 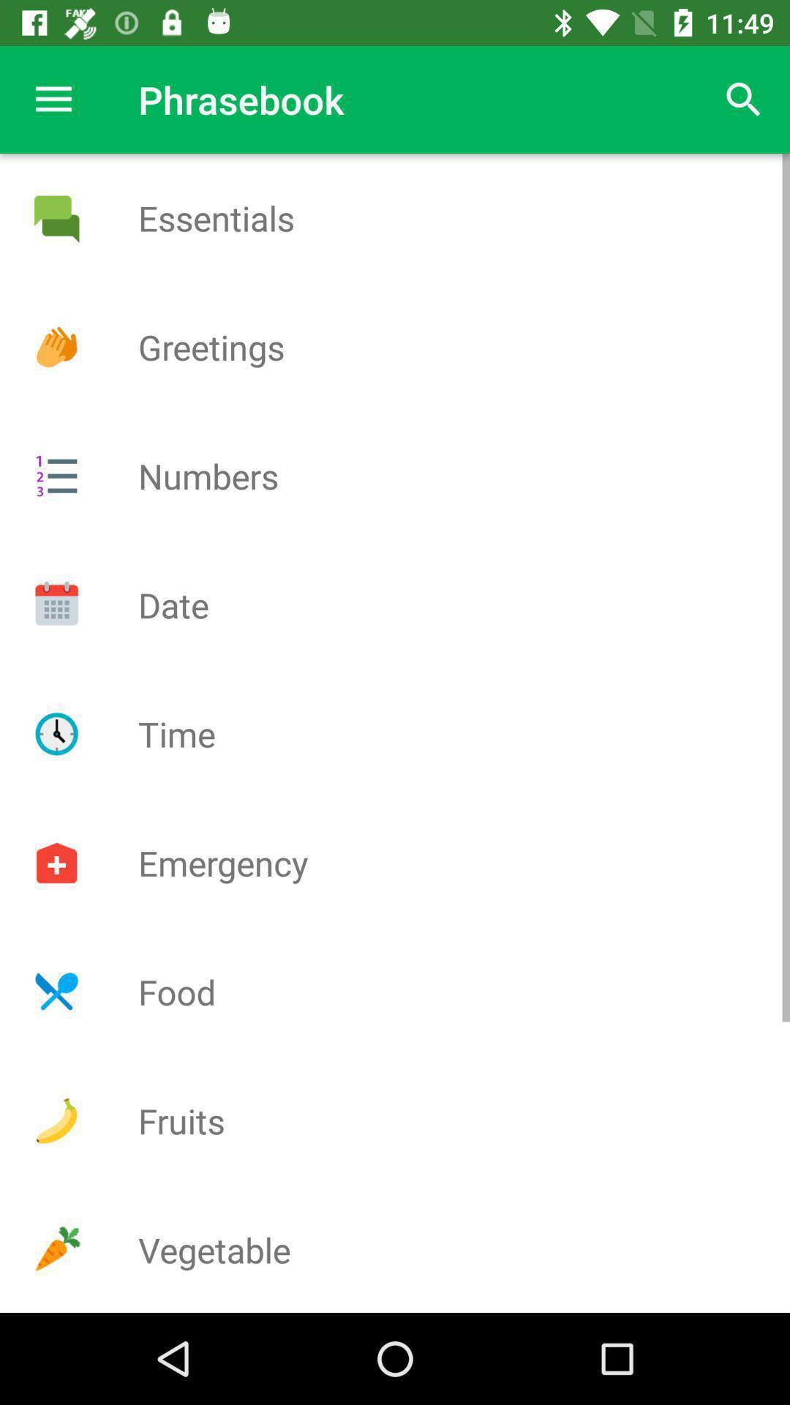 What do you see at coordinates (56, 604) in the screenshot?
I see `date` at bounding box center [56, 604].